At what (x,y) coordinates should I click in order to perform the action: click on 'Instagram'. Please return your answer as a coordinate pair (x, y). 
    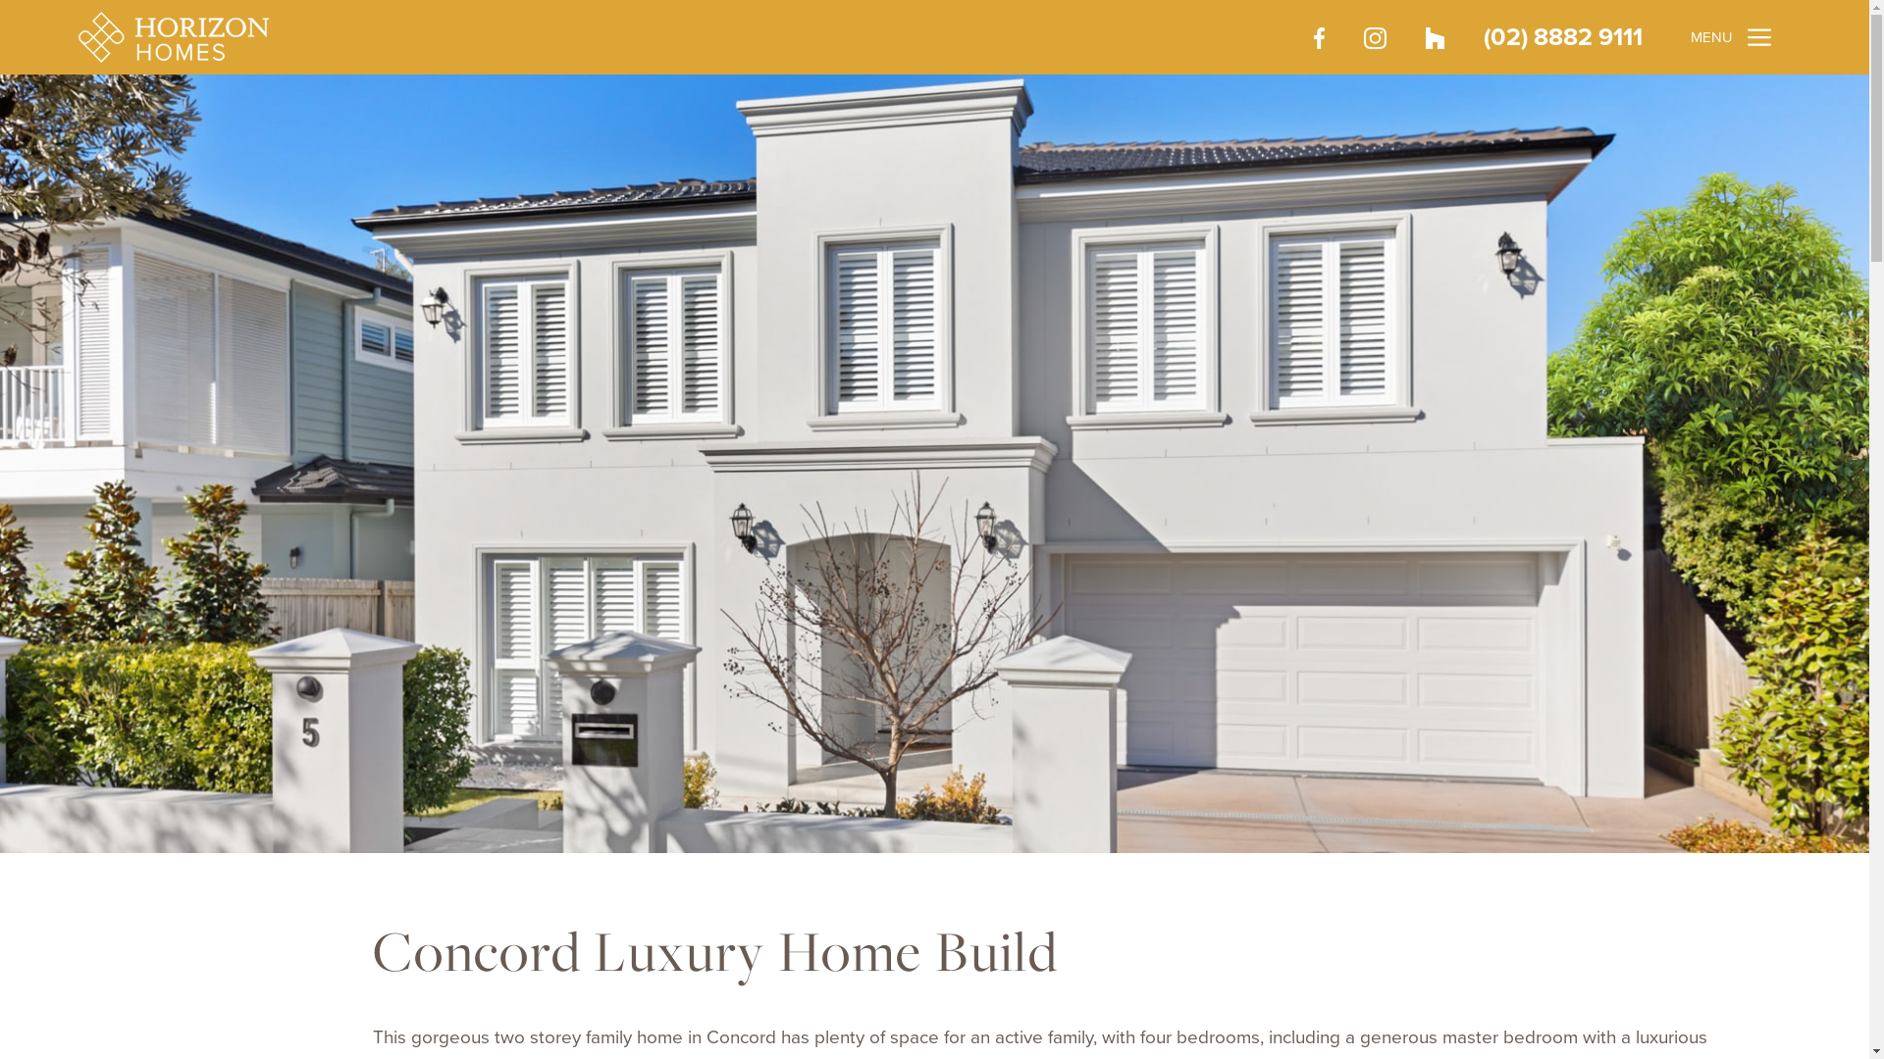
    Looking at the image, I should click on (1342, 37).